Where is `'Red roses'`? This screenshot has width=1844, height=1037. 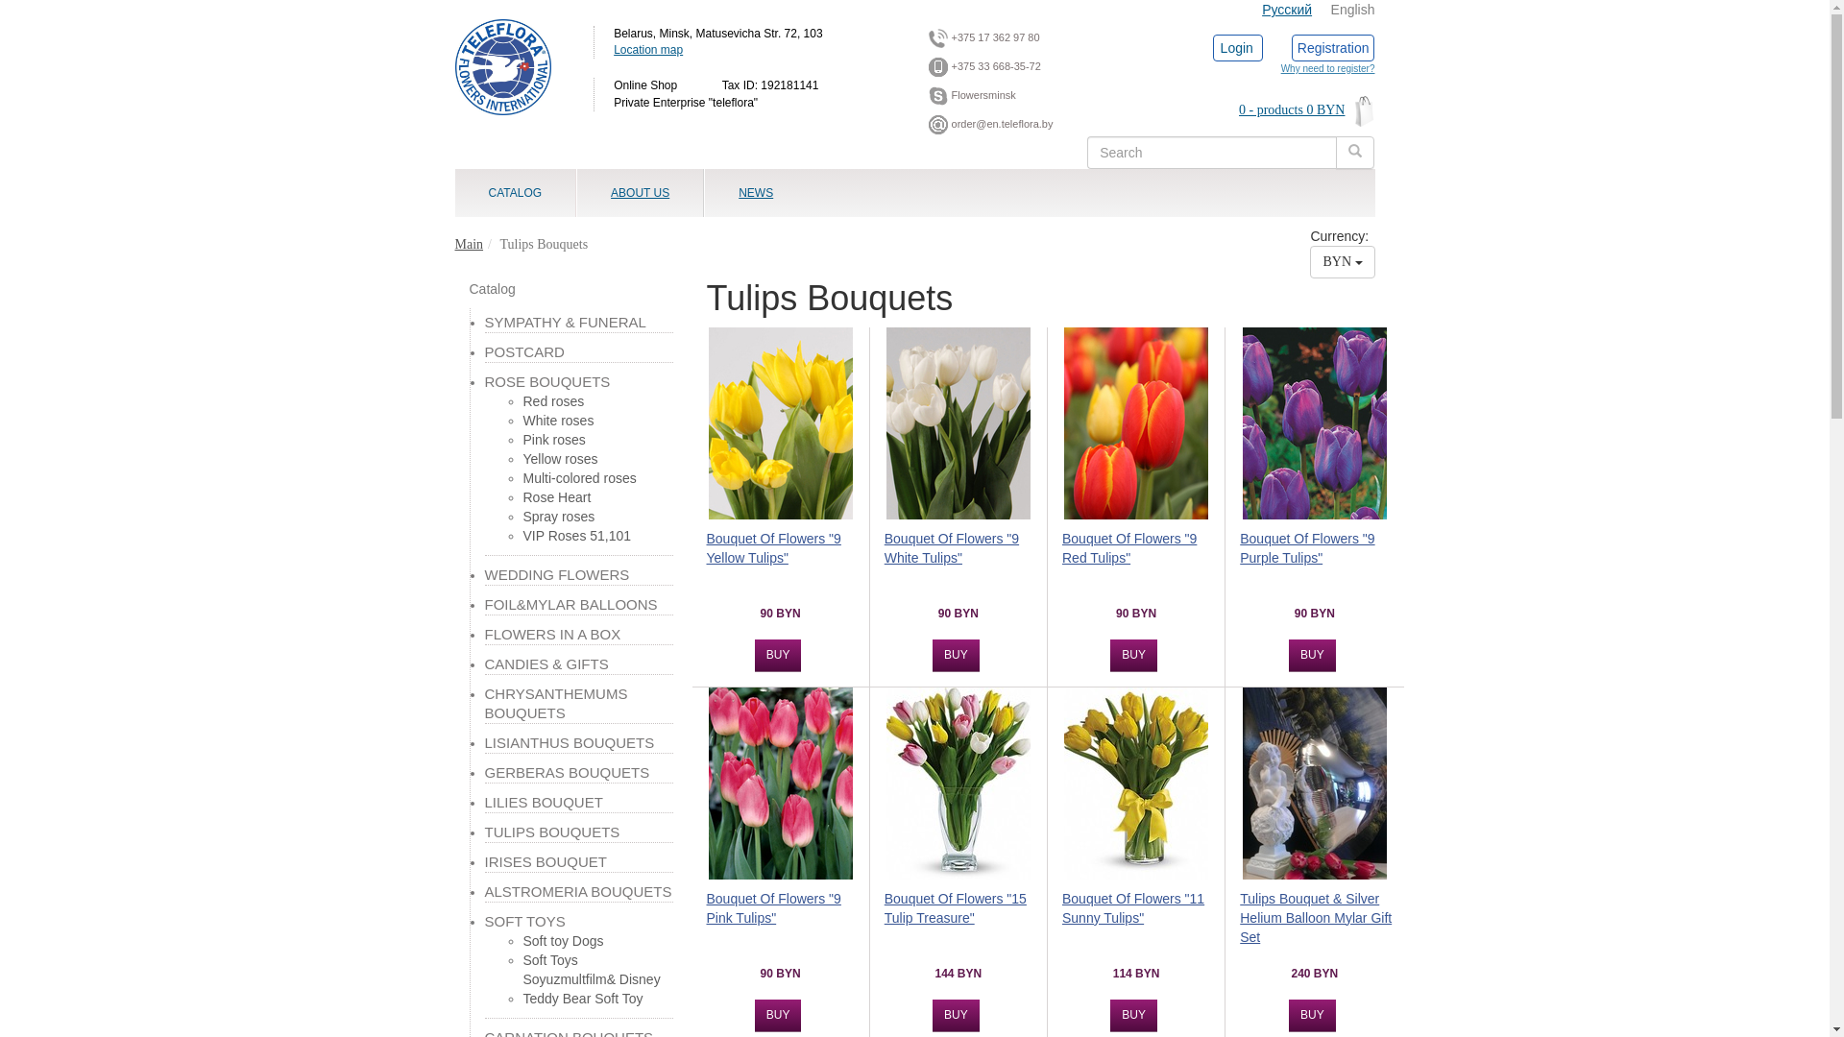
'Red roses' is located at coordinates (552, 399).